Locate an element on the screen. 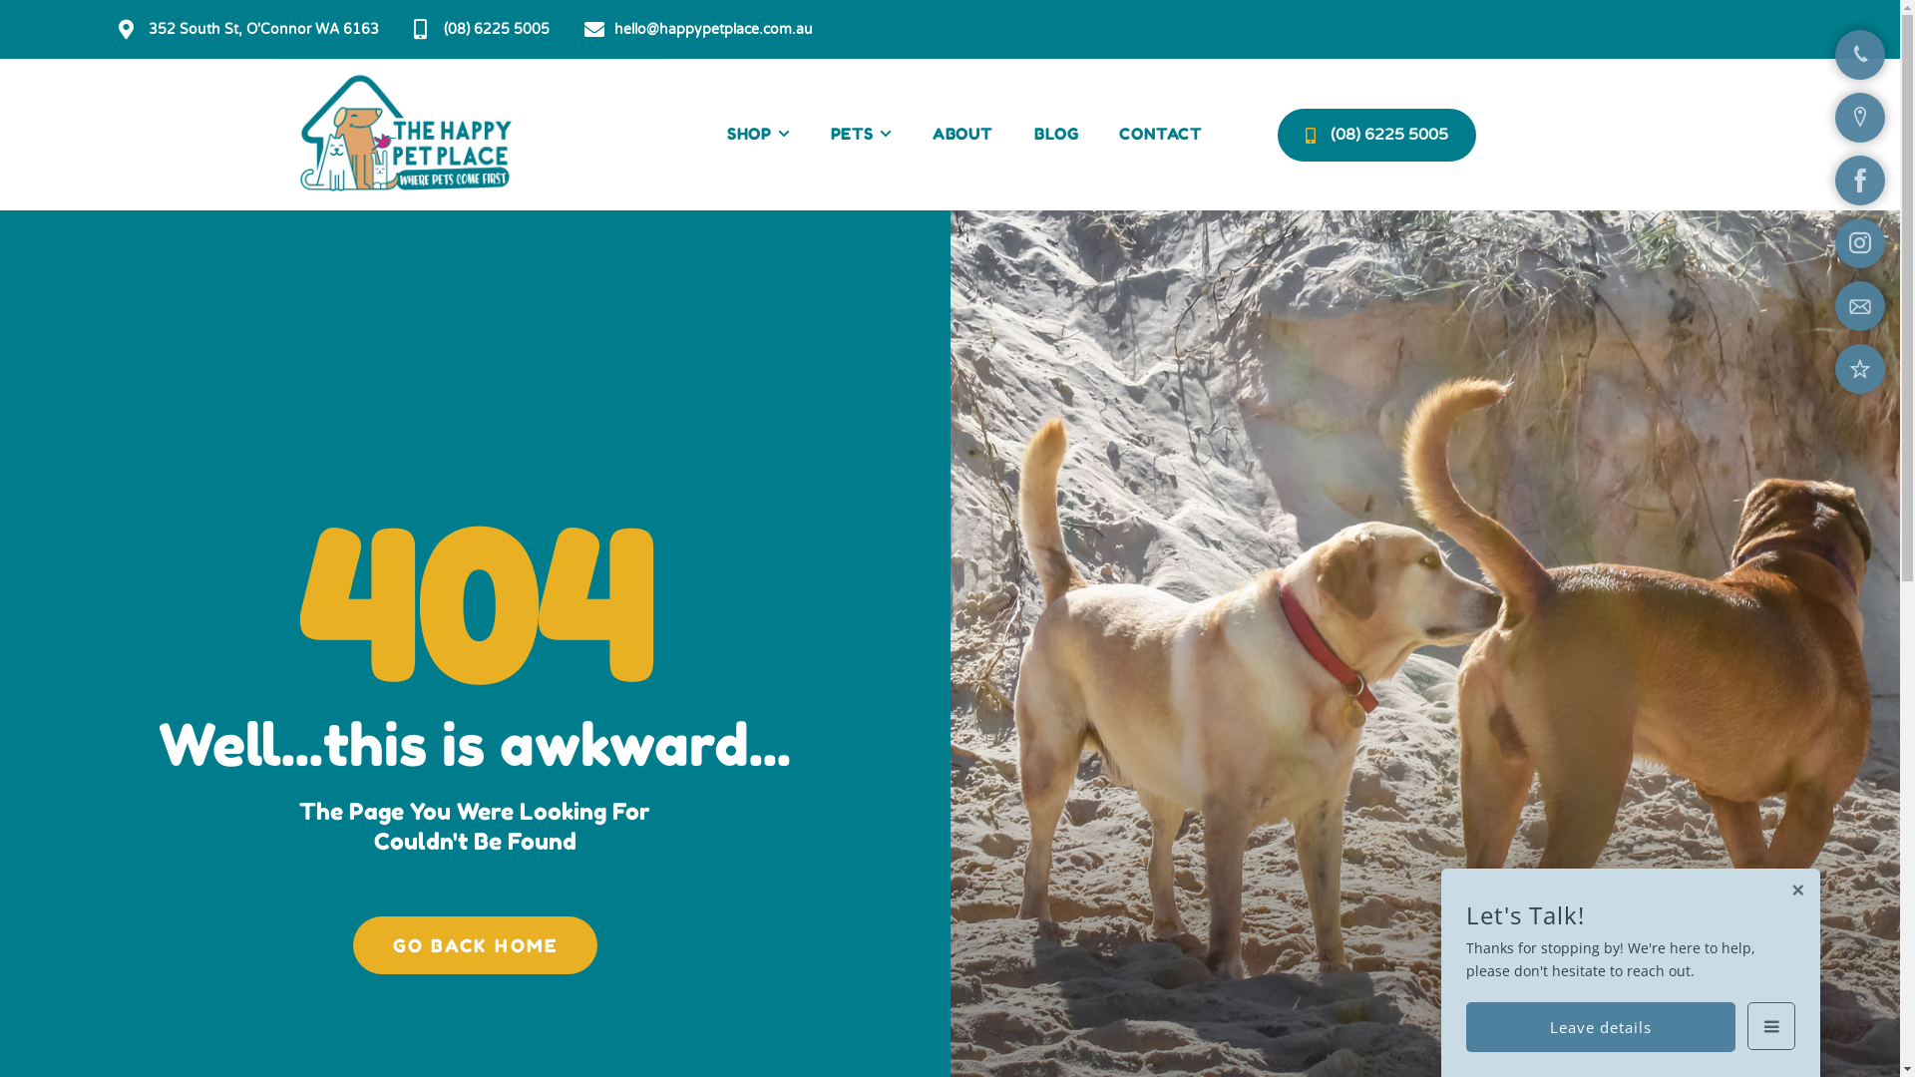 Image resolution: width=1915 pixels, height=1077 pixels. 'PETS' is located at coordinates (861, 135).